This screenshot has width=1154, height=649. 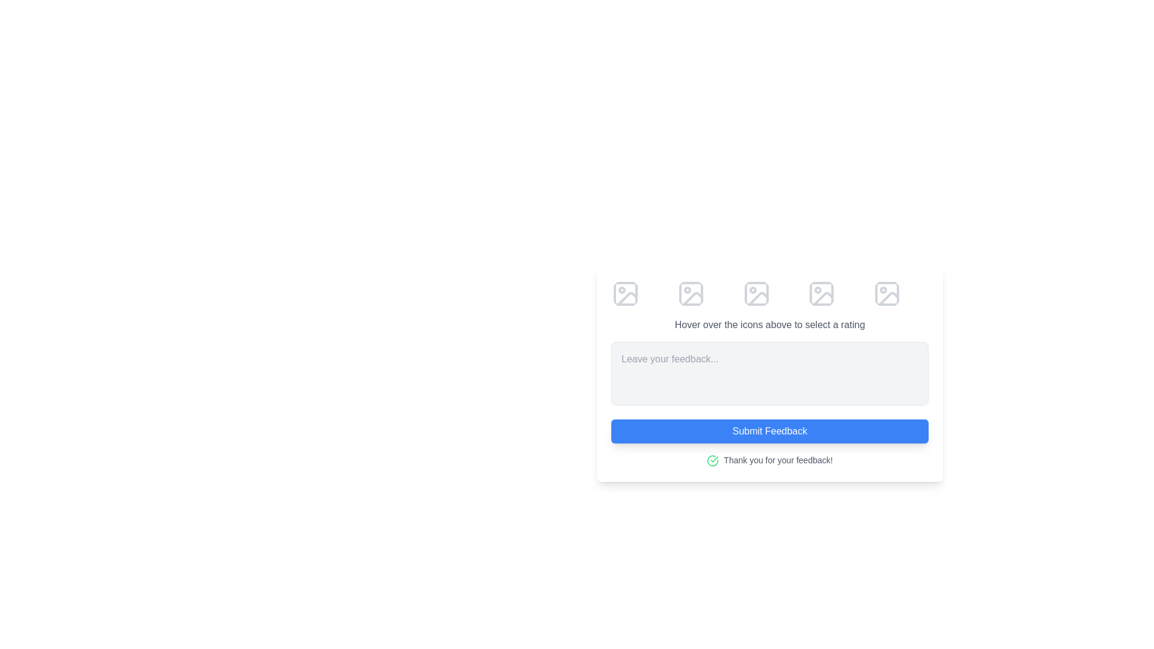 What do you see at coordinates (691, 294) in the screenshot?
I see `the second icon button in a row of five icons located near the top of the feedback section interface, which is centrally aligned over the input field and submission button` at bounding box center [691, 294].